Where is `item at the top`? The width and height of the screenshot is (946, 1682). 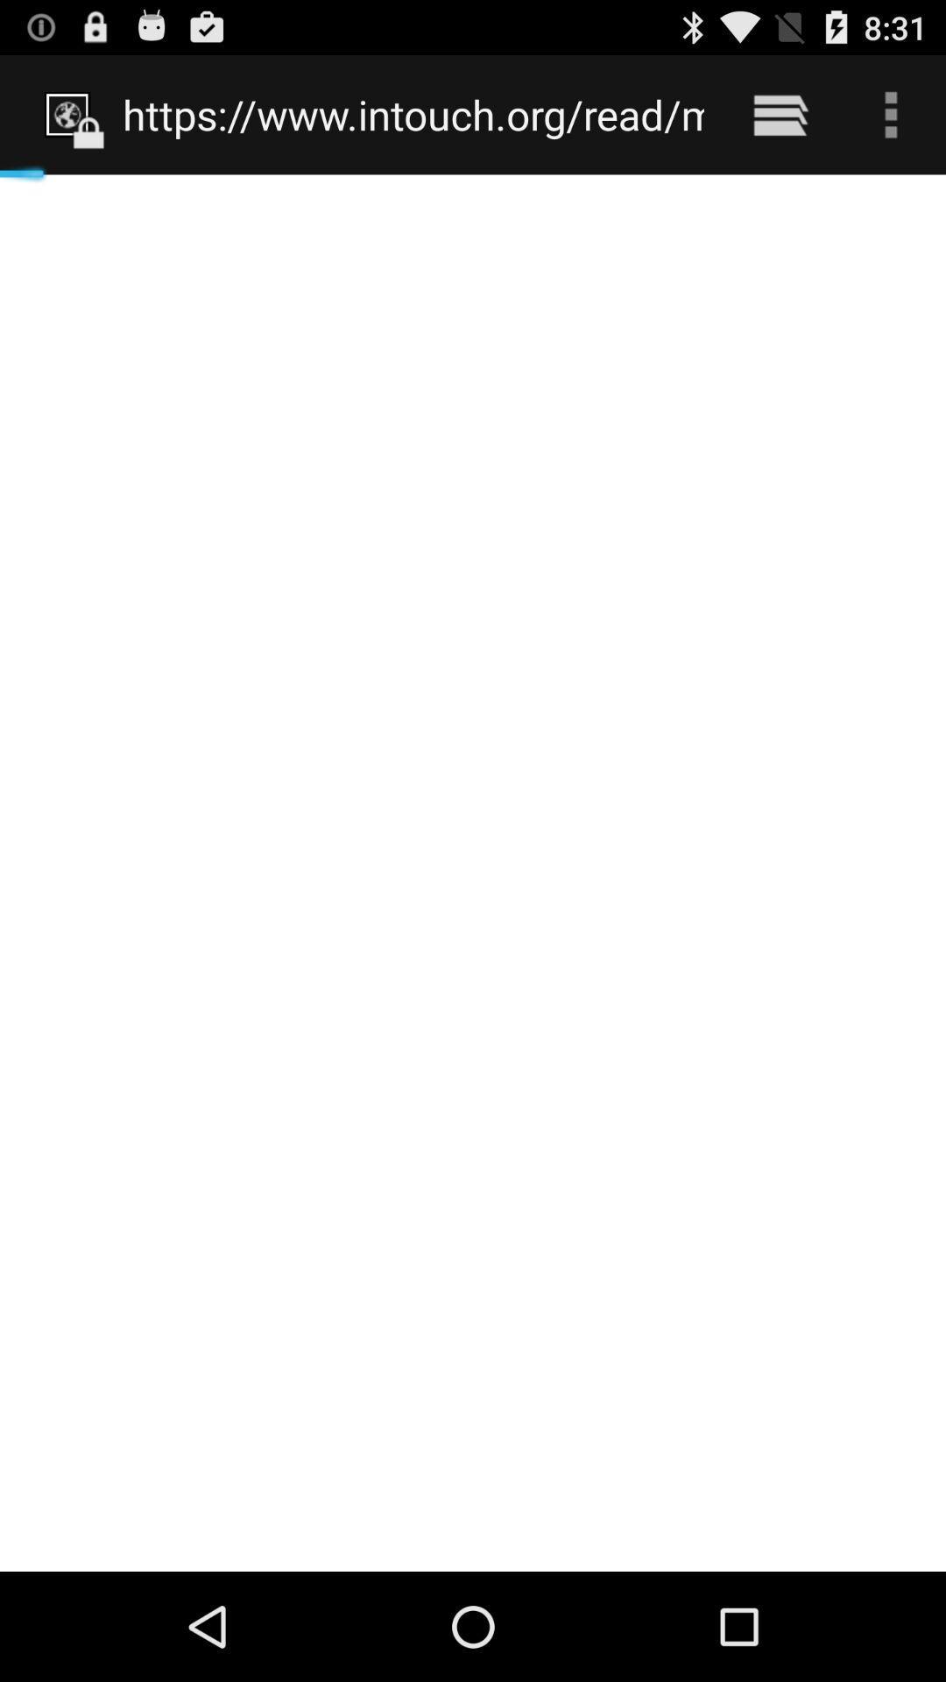
item at the top is located at coordinates (413, 114).